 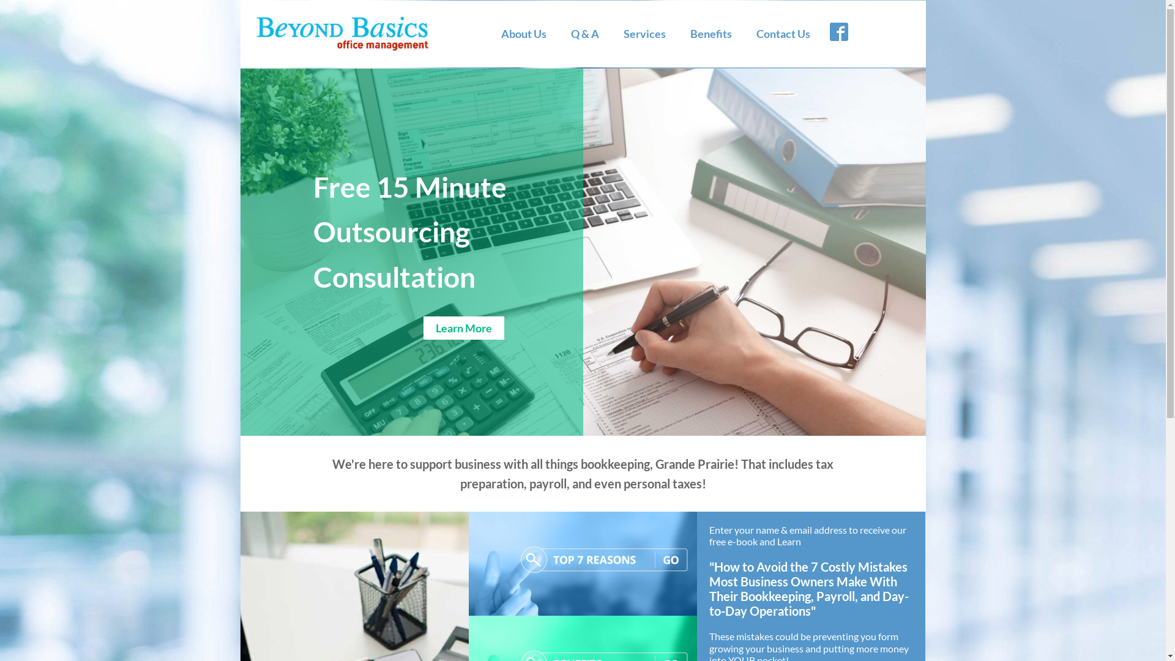 What do you see at coordinates (711, 33) in the screenshot?
I see `'Benefits'` at bounding box center [711, 33].